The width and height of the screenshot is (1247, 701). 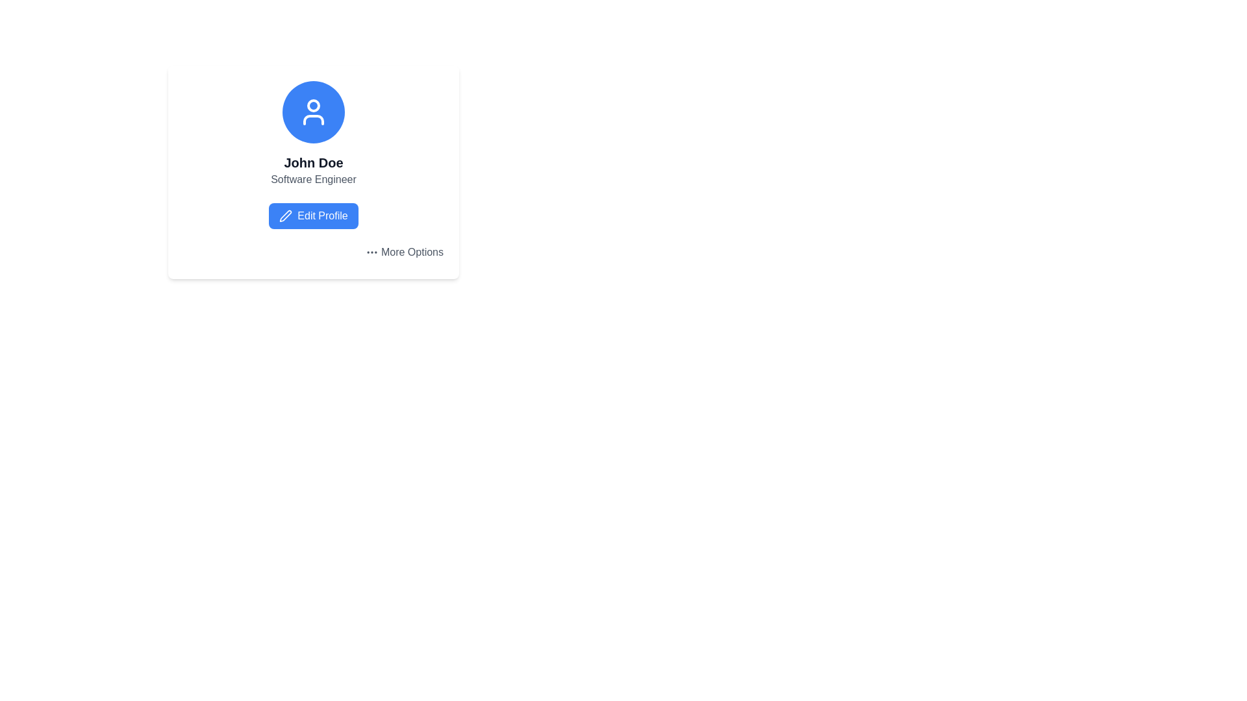 What do you see at coordinates (314, 215) in the screenshot?
I see `the profile edit button located below the 'John Doe' text and 'Software Engineer' subtitle in the profile card` at bounding box center [314, 215].